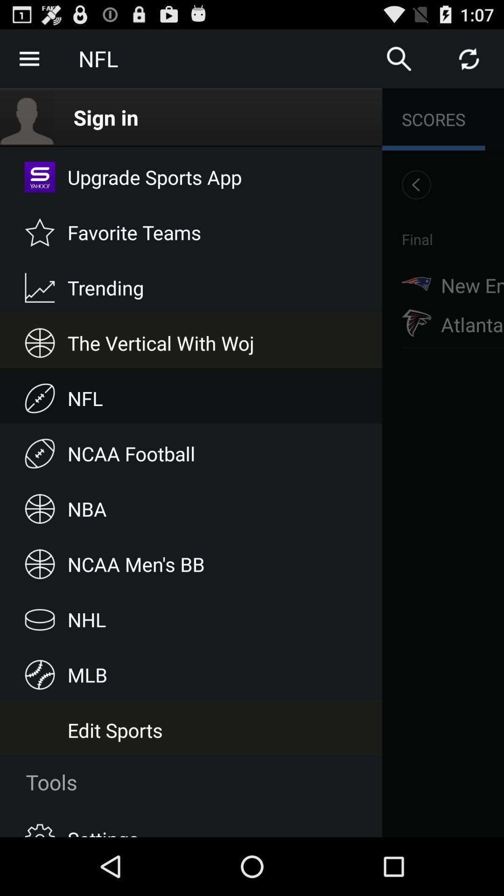 This screenshot has height=896, width=504. Describe the element at coordinates (469, 62) in the screenshot. I see `the refresh icon` at that location.